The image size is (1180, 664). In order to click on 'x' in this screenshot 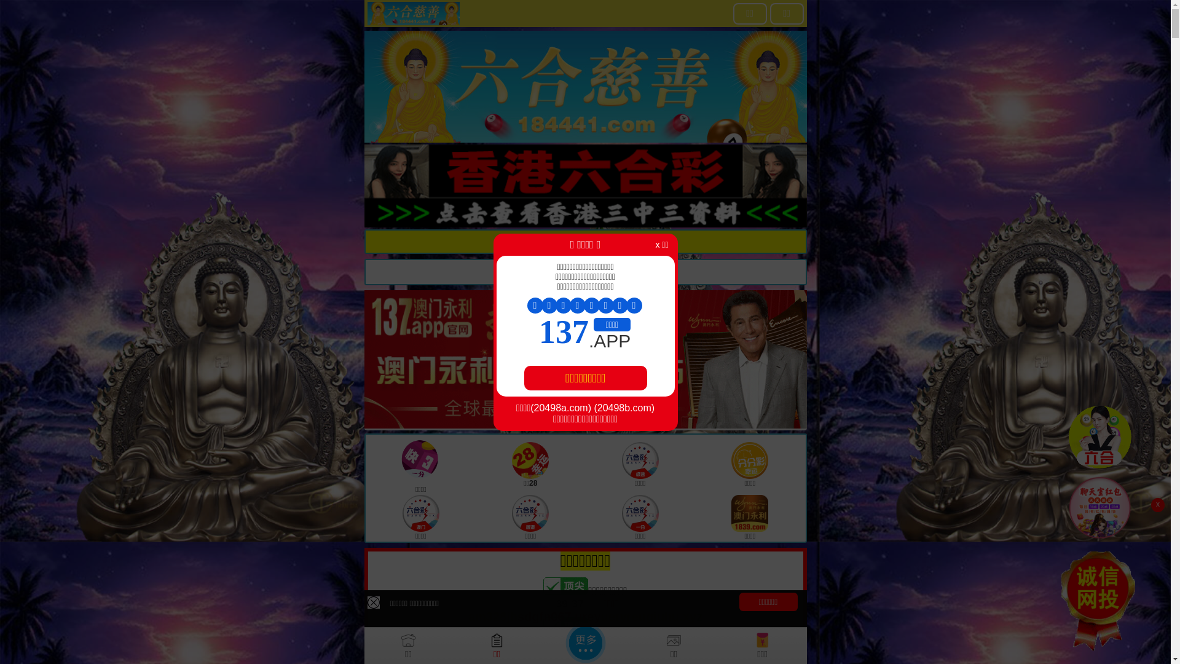, I will do `click(1157, 505)`.